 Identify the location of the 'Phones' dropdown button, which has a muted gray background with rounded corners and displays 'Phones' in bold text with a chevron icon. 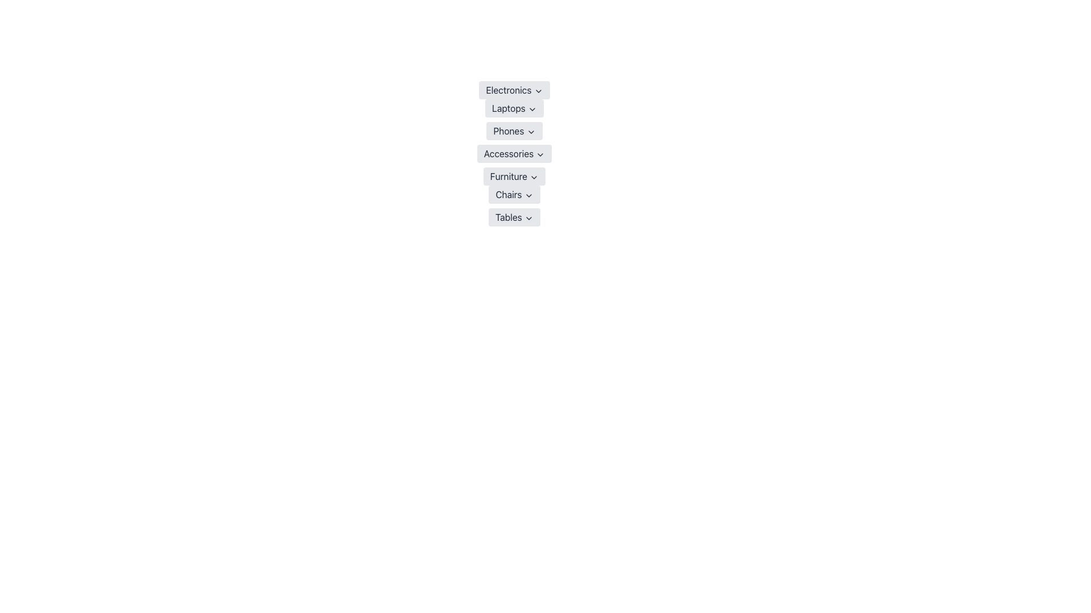
(514, 131).